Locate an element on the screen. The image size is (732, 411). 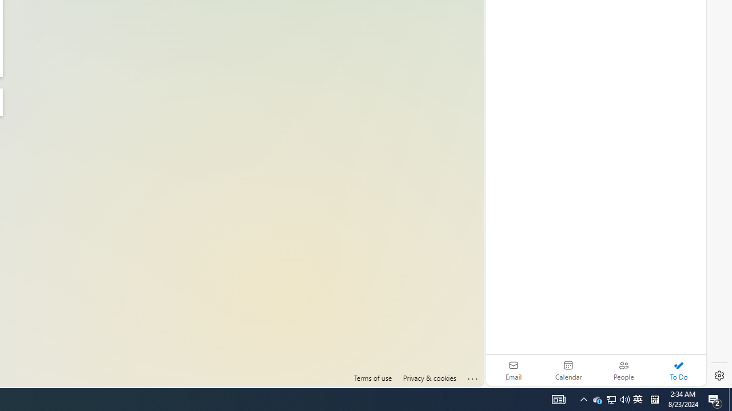
'People' is located at coordinates (623, 370).